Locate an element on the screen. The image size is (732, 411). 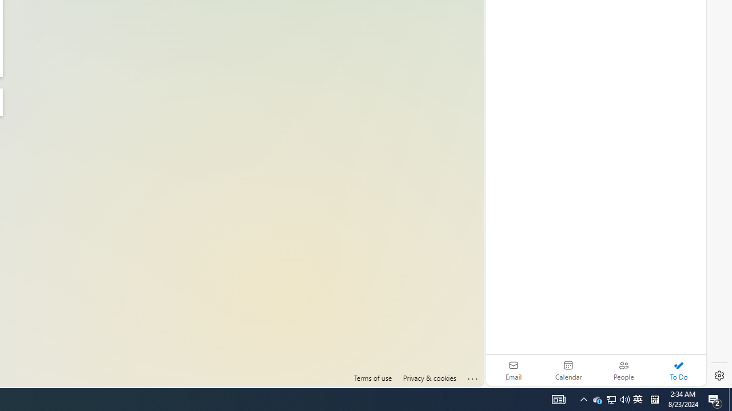
'People' is located at coordinates (623, 370).